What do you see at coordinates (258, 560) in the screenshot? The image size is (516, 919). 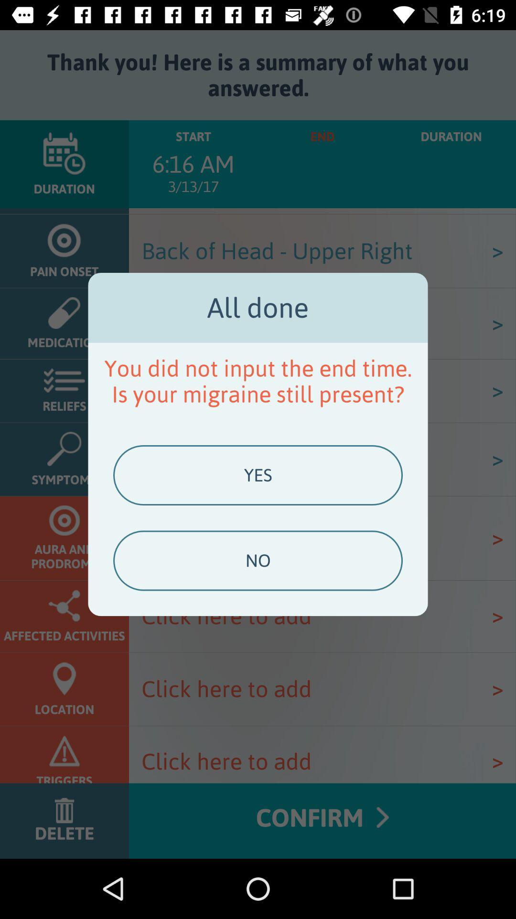 I see `the button below yes icon` at bounding box center [258, 560].